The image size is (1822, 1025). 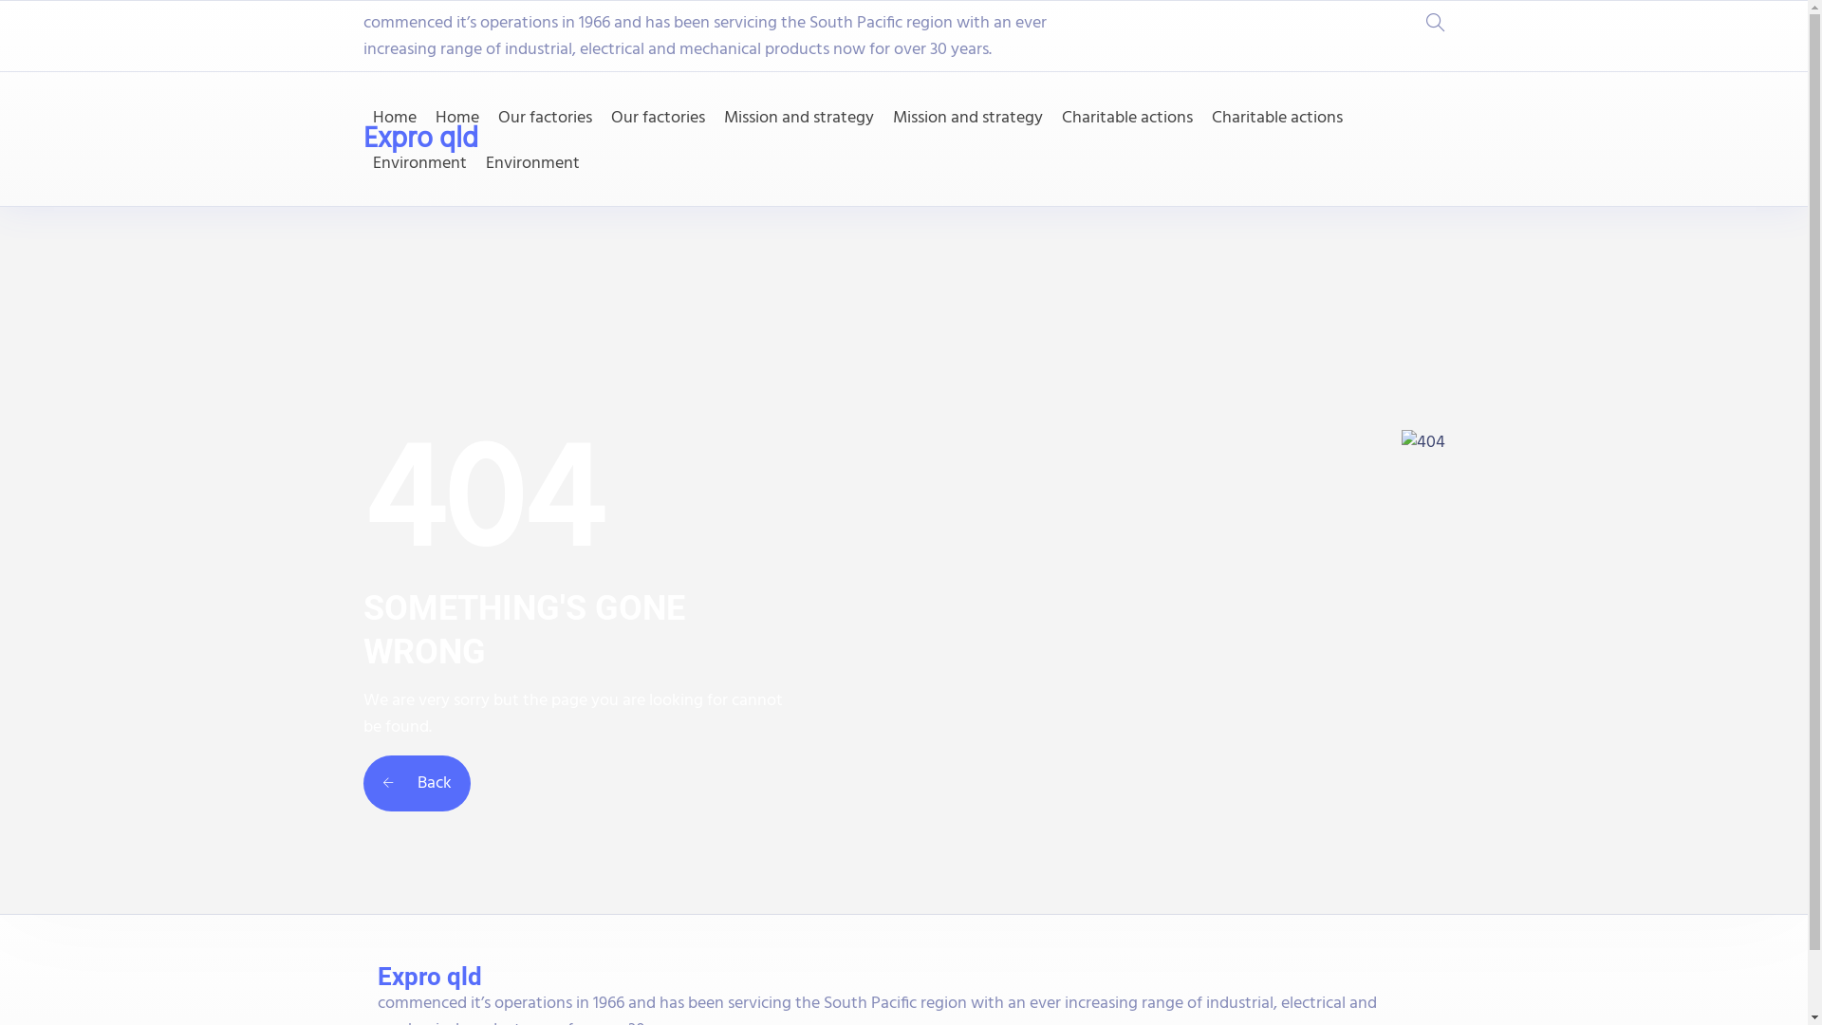 I want to click on 'Mission and strategy', so click(x=722, y=118).